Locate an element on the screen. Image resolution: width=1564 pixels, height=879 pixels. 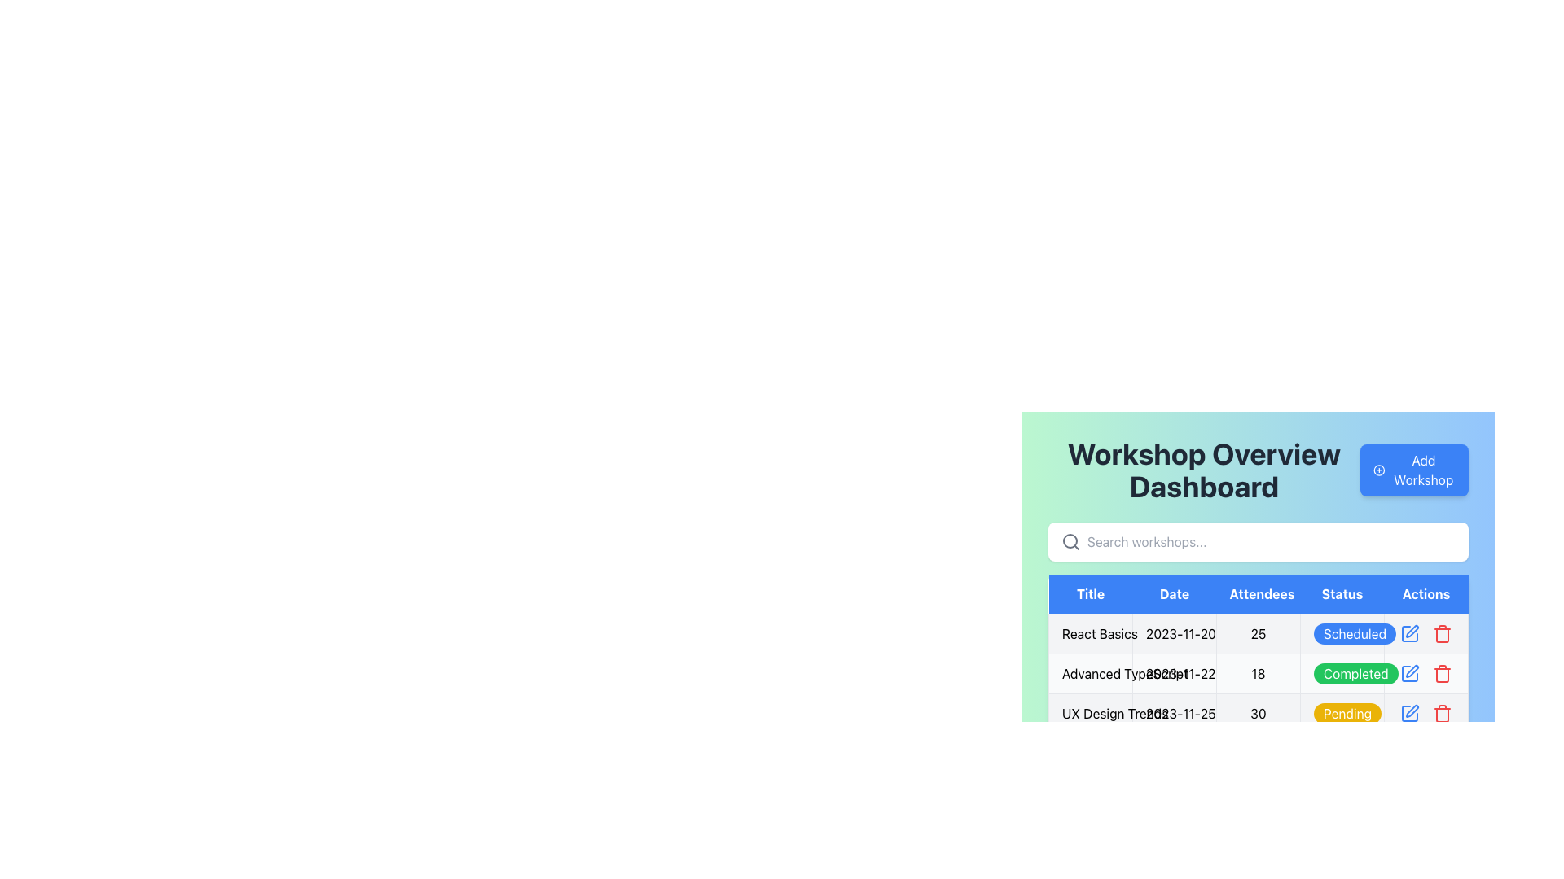
the Status indicator for the 'React Basics' workshop in the first row of the 'Workshop Overview Dashboard', which shows that the workshop is scheduled is located at coordinates (1342, 633).